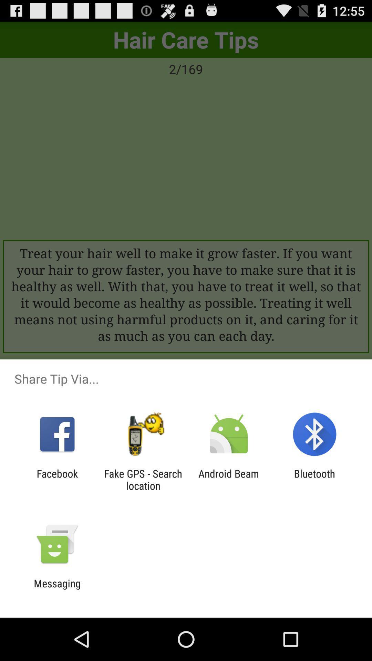  What do you see at coordinates (229, 479) in the screenshot?
I see `item next to bluetooth item` at bounding box center [229, 479].